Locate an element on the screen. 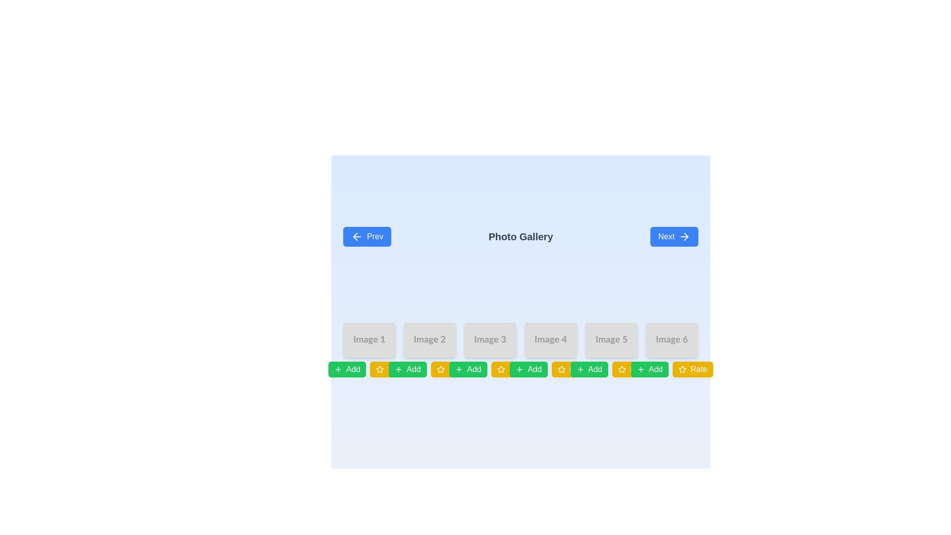 Image resolution: width=951 pixels, height=535 pixels. the button located below the fourth image in the gallery, which is part of a series of green buttons for adding items or performing related actions is located at coordinates (534, 369).